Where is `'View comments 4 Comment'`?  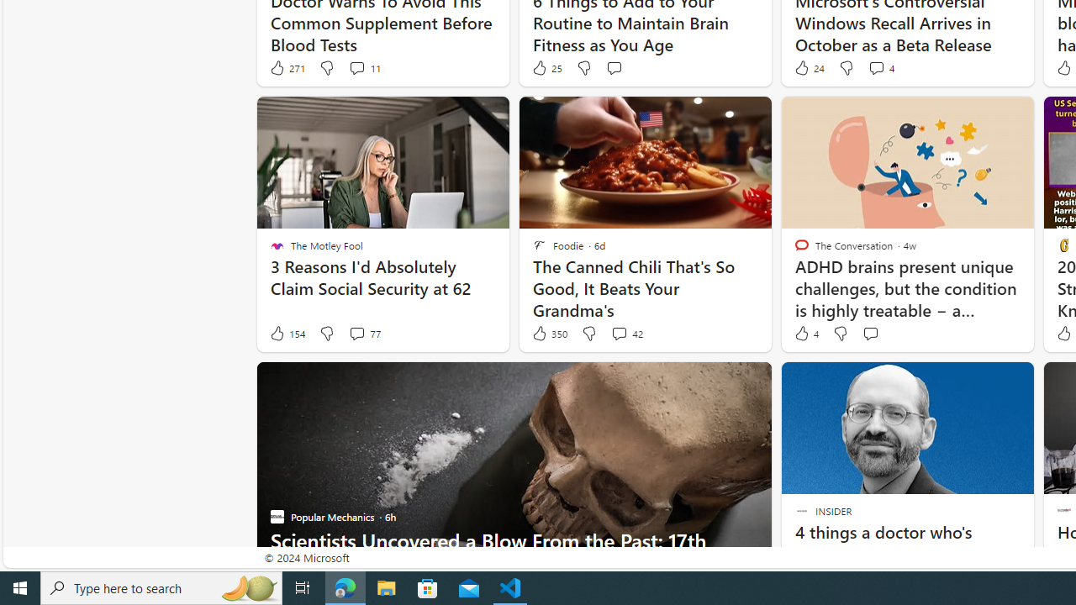
'View comments 4 Comment' is located at coordinates (875, 67).